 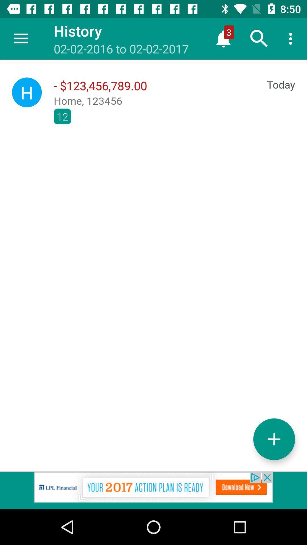 I want to click on the add icon, so click(x=274, y=439).